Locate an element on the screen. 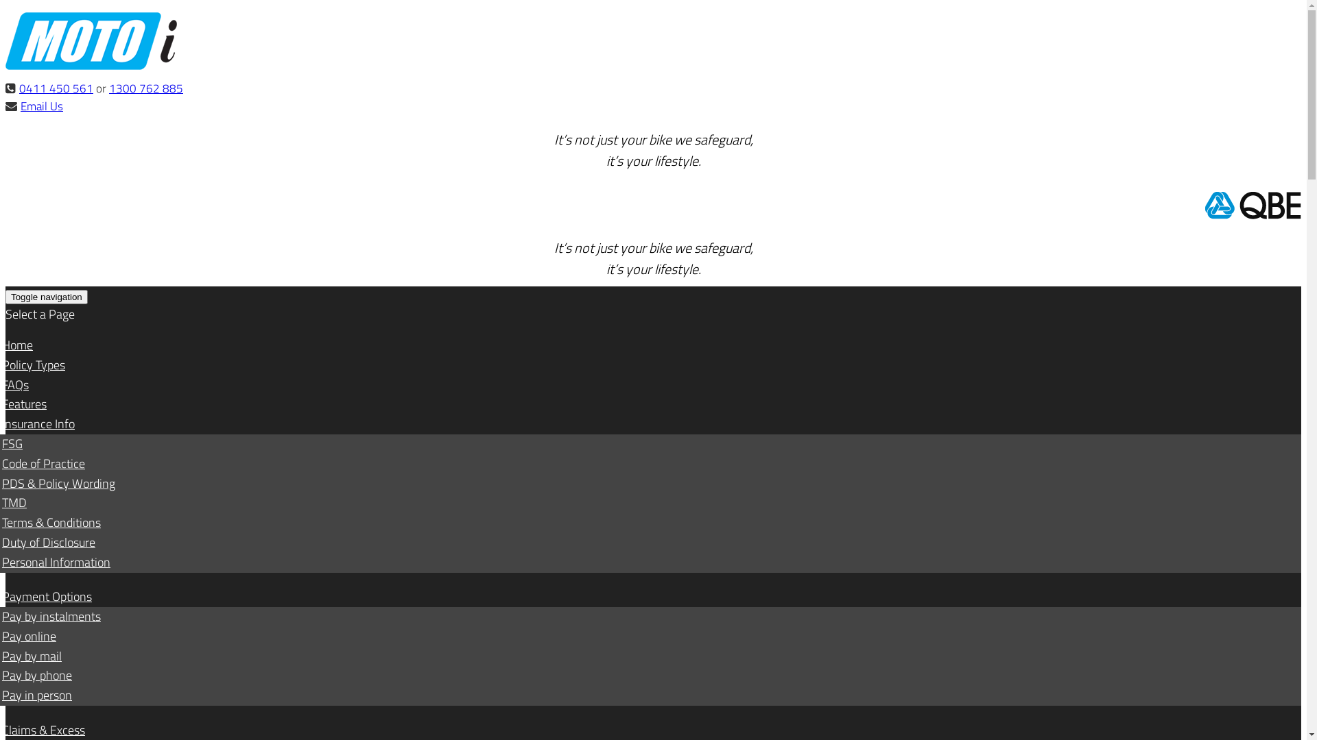 The image size is (1317, 740). '1300 762 885' is located at coordinates (108, 88).